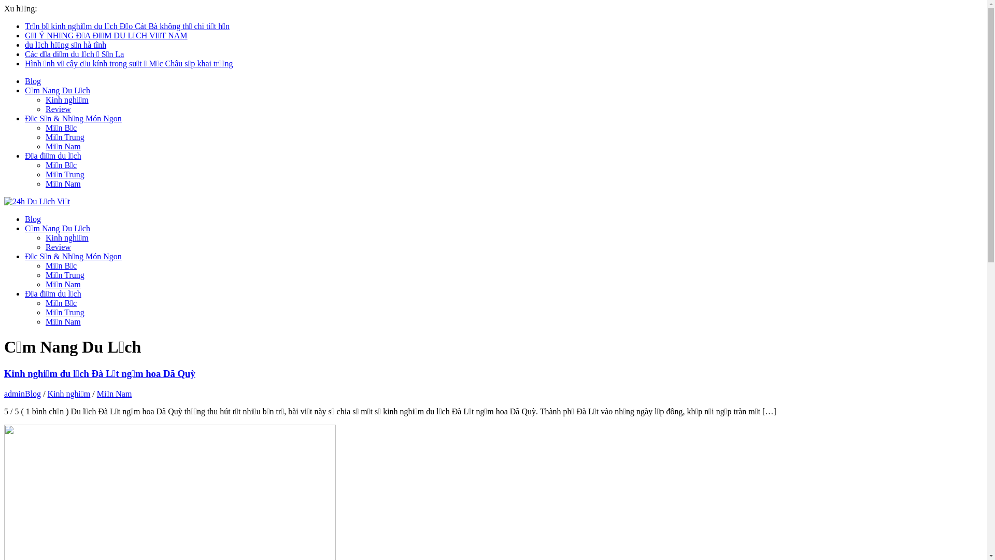 This screenshot has width=995, height=560. Describe the element at coordinates (25, 218) in the screenshot. I see `'Blog'` at that location.